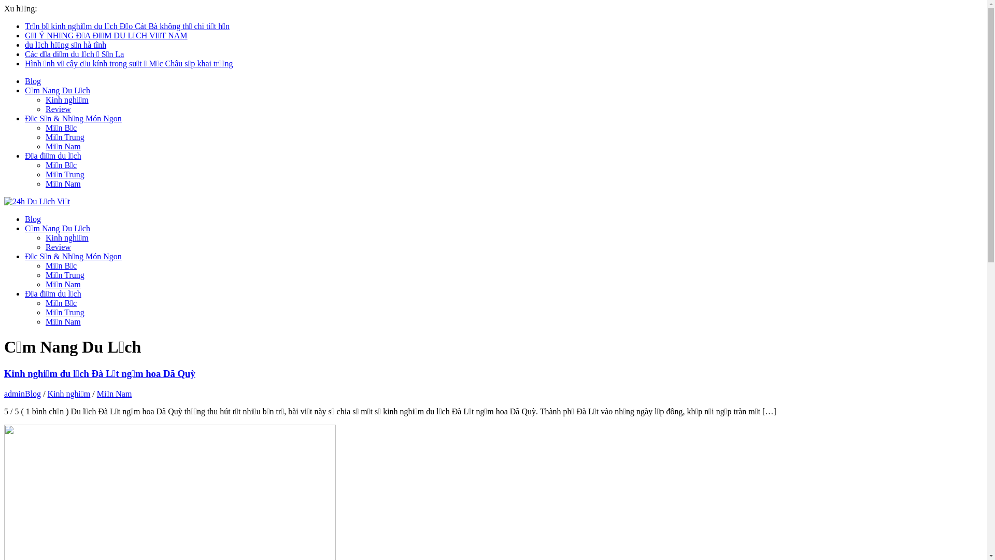 This screenshot has width=995, height=560. Describe the element at coordinates (25, 218) in the screenshot. I see `'Blog'` at that location.